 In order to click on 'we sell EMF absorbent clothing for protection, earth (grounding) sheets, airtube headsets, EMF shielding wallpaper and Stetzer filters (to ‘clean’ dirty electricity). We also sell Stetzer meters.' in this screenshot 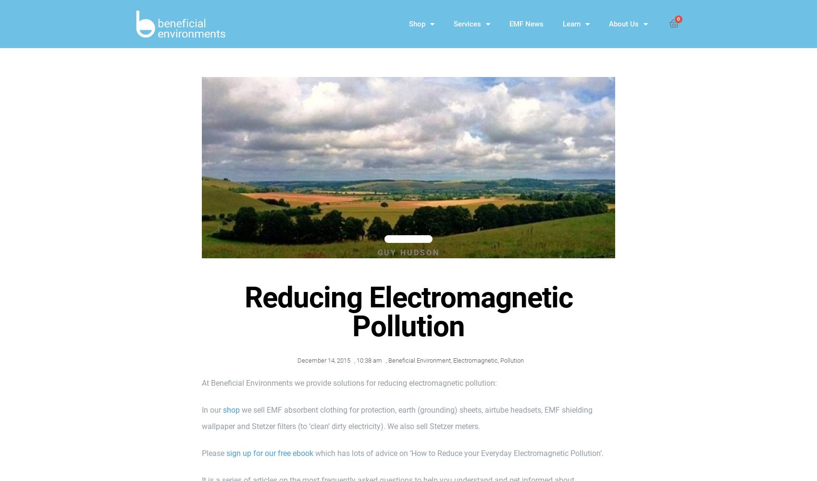, I will do `click(396, 418)`.